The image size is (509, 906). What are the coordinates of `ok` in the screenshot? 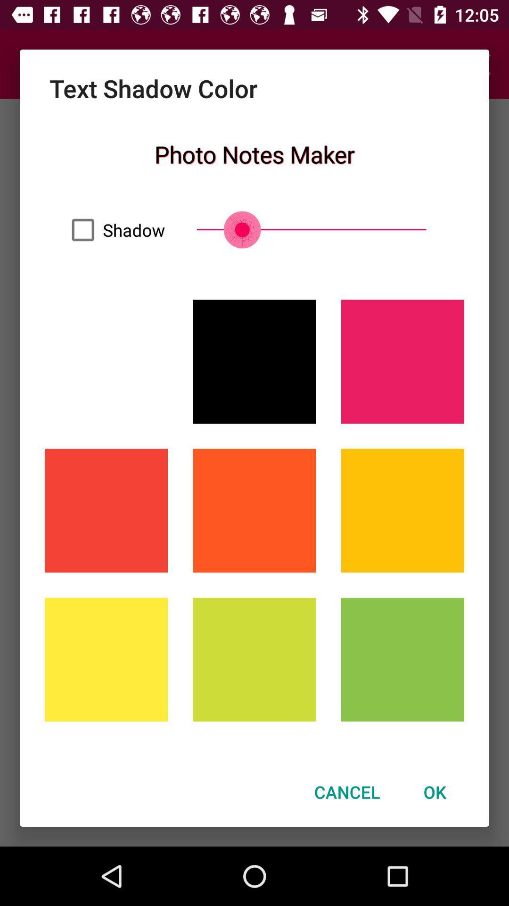 It's located at (435, 792).